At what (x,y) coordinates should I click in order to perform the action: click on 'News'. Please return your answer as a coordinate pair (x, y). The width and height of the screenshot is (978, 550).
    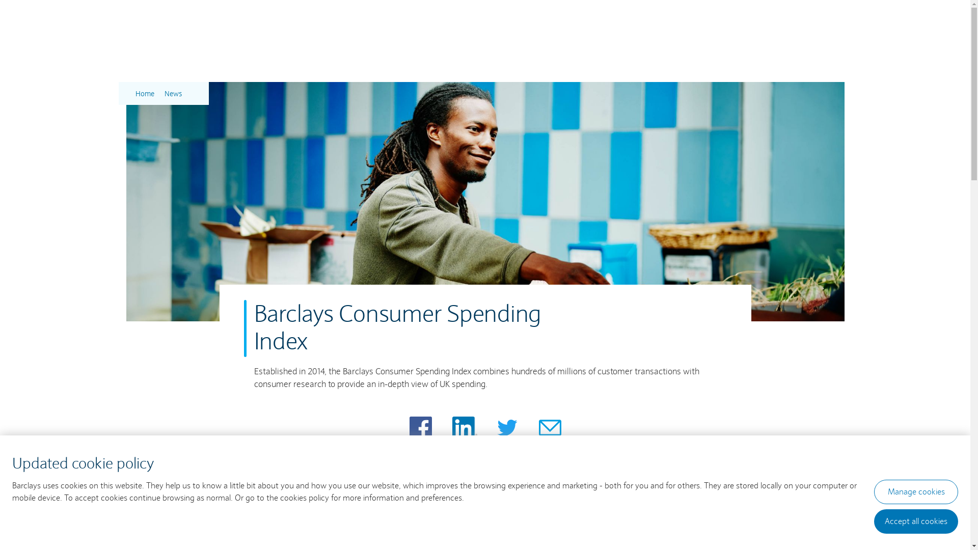
    Looking at the image, I should click on (173, 93).